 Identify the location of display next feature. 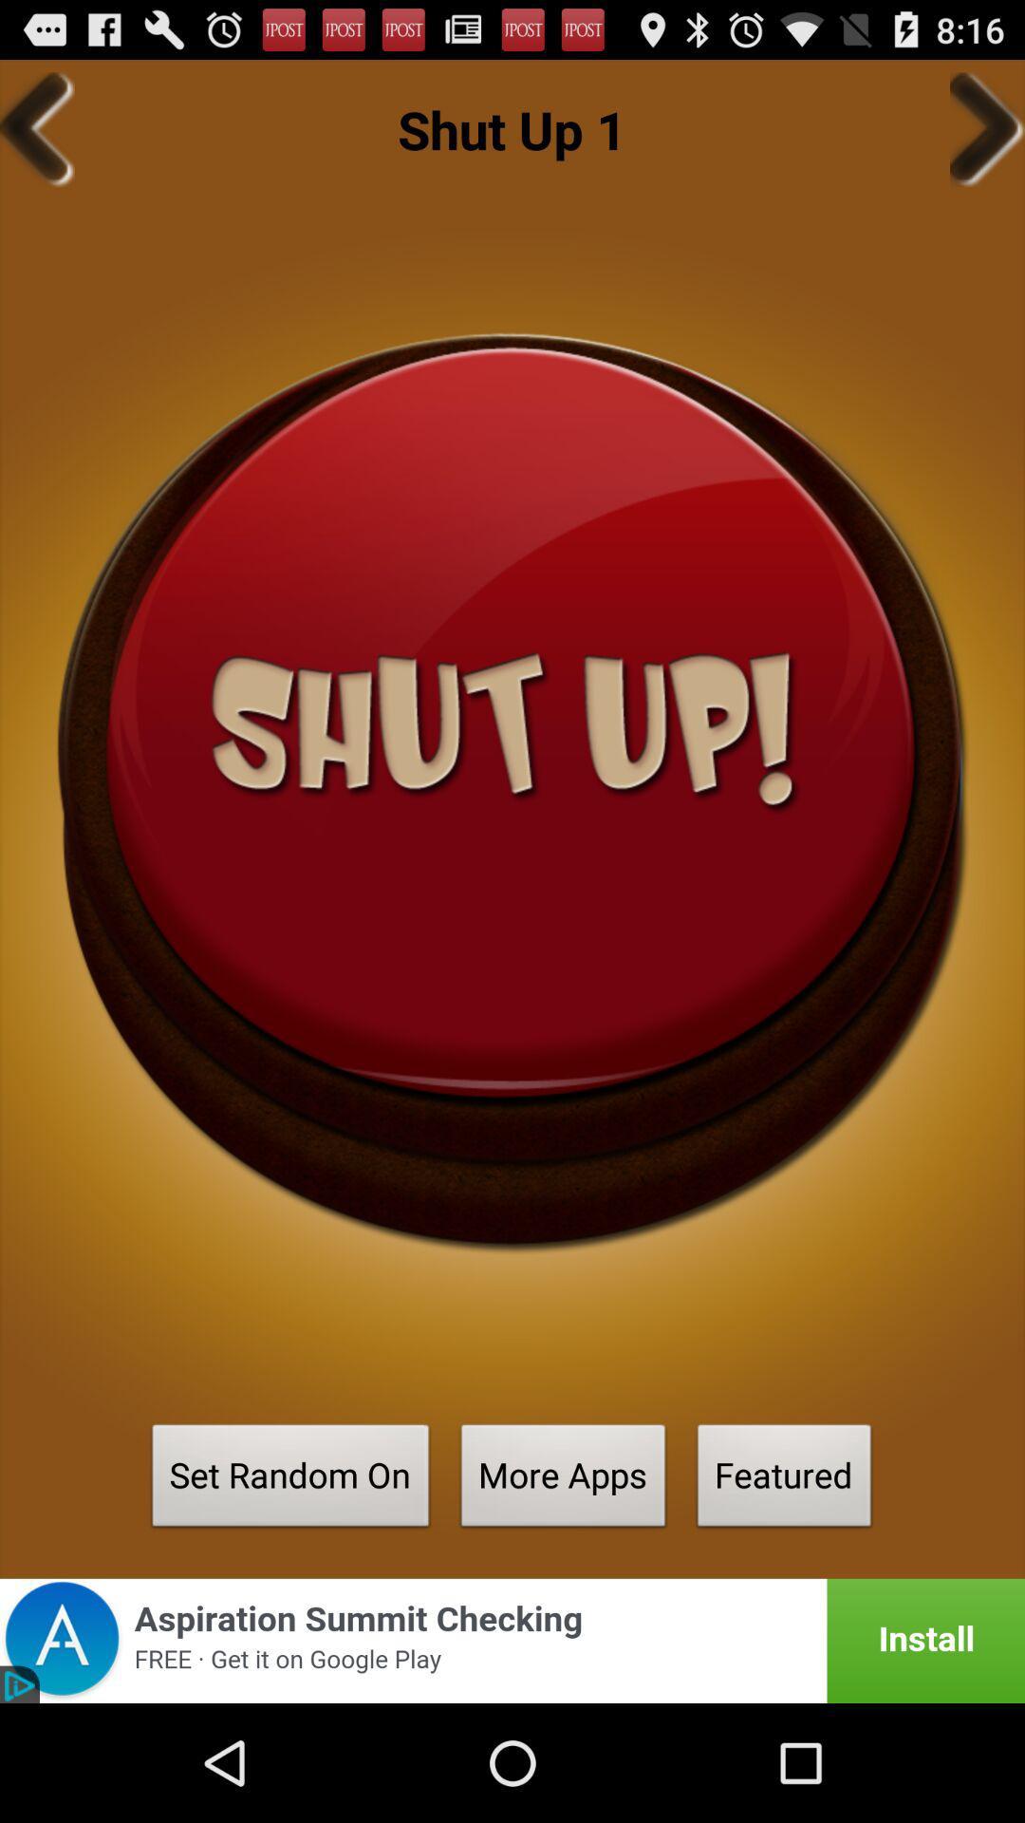
(986, 128).